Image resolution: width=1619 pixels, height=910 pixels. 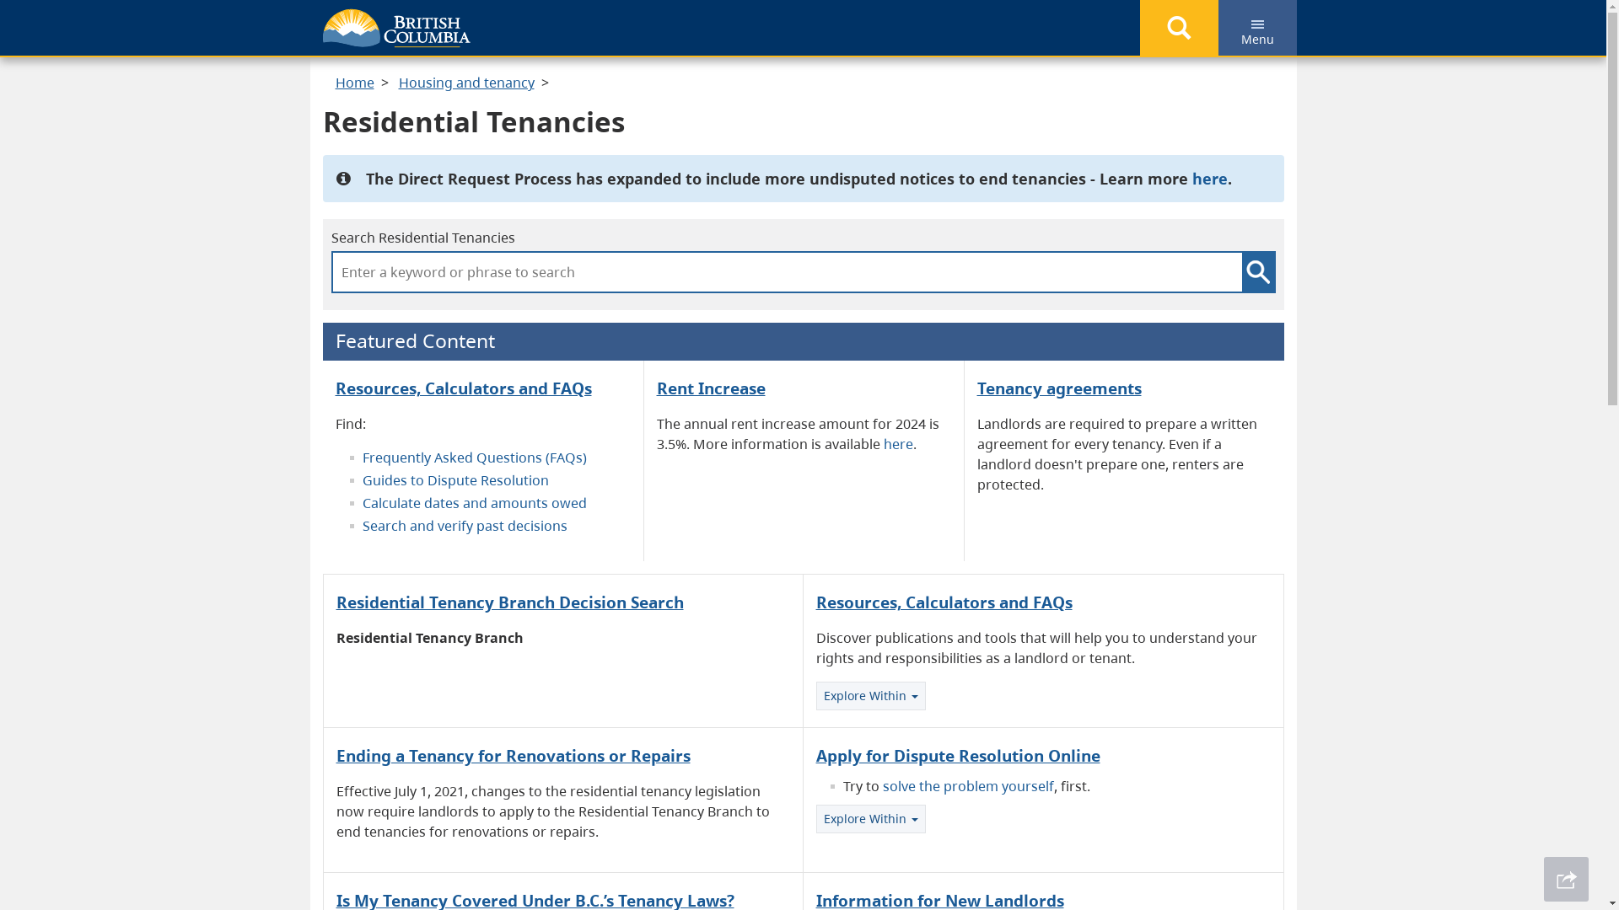 What do you see at coordinates (881, 786) in the screenshot?
I see `'solve the problem yourself'` at bounding box center [881, 786].